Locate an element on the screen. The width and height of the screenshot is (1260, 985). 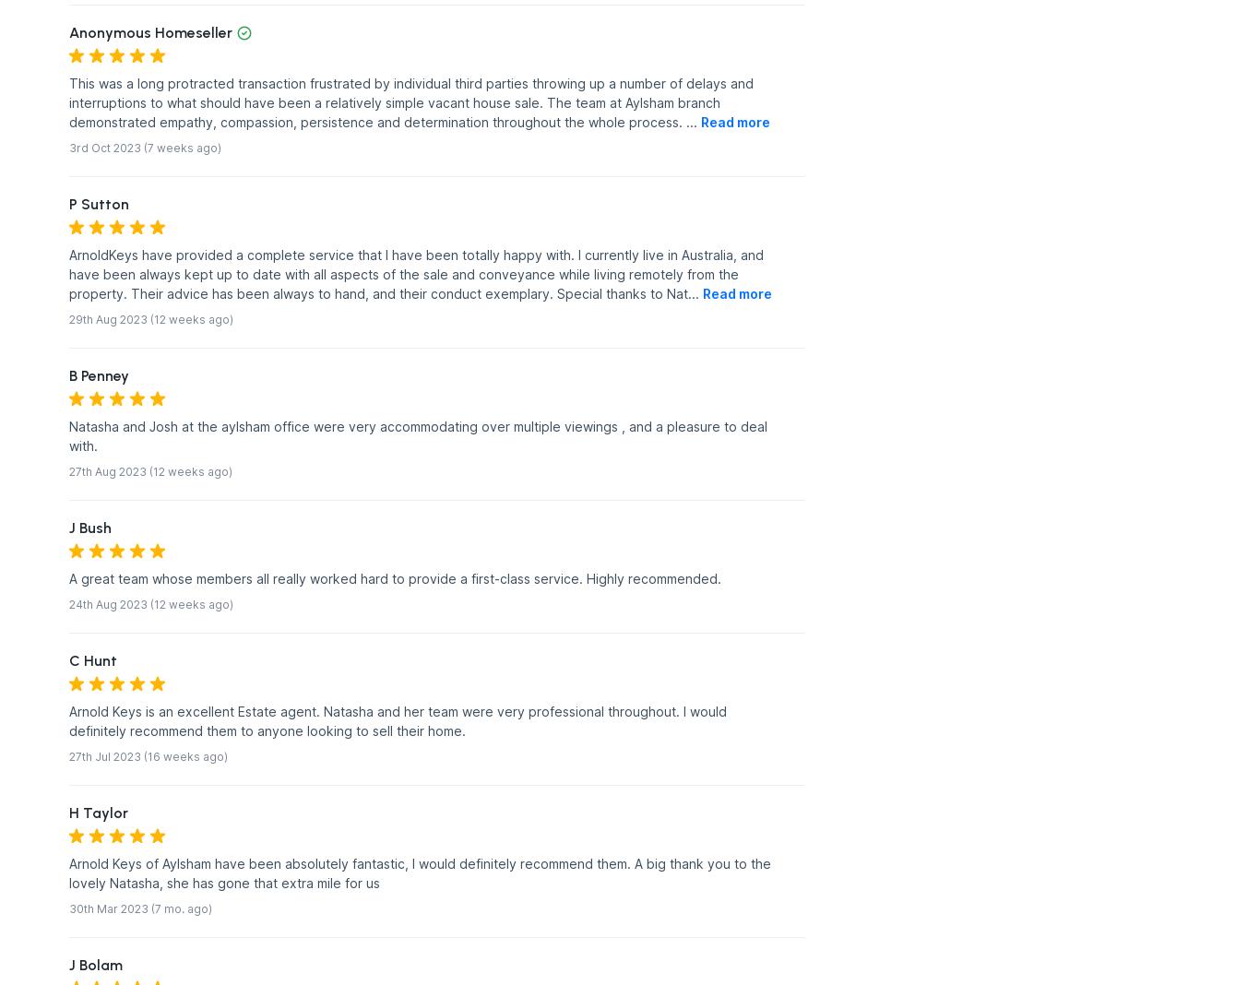
'A great team whose members all really worked hard to provide a first-class service. Highly recommended.' is located at coordinates (394, 577).